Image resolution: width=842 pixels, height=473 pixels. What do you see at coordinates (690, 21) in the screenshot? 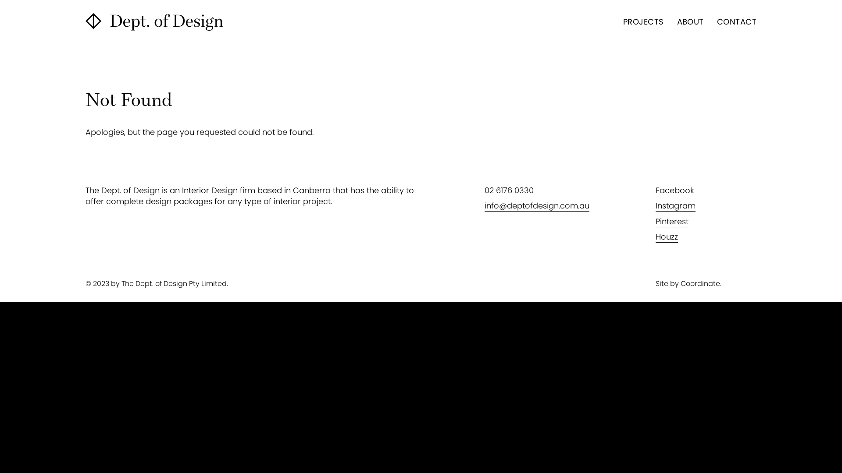
I see `'ABOUT'` at bounding box center [690, 21].